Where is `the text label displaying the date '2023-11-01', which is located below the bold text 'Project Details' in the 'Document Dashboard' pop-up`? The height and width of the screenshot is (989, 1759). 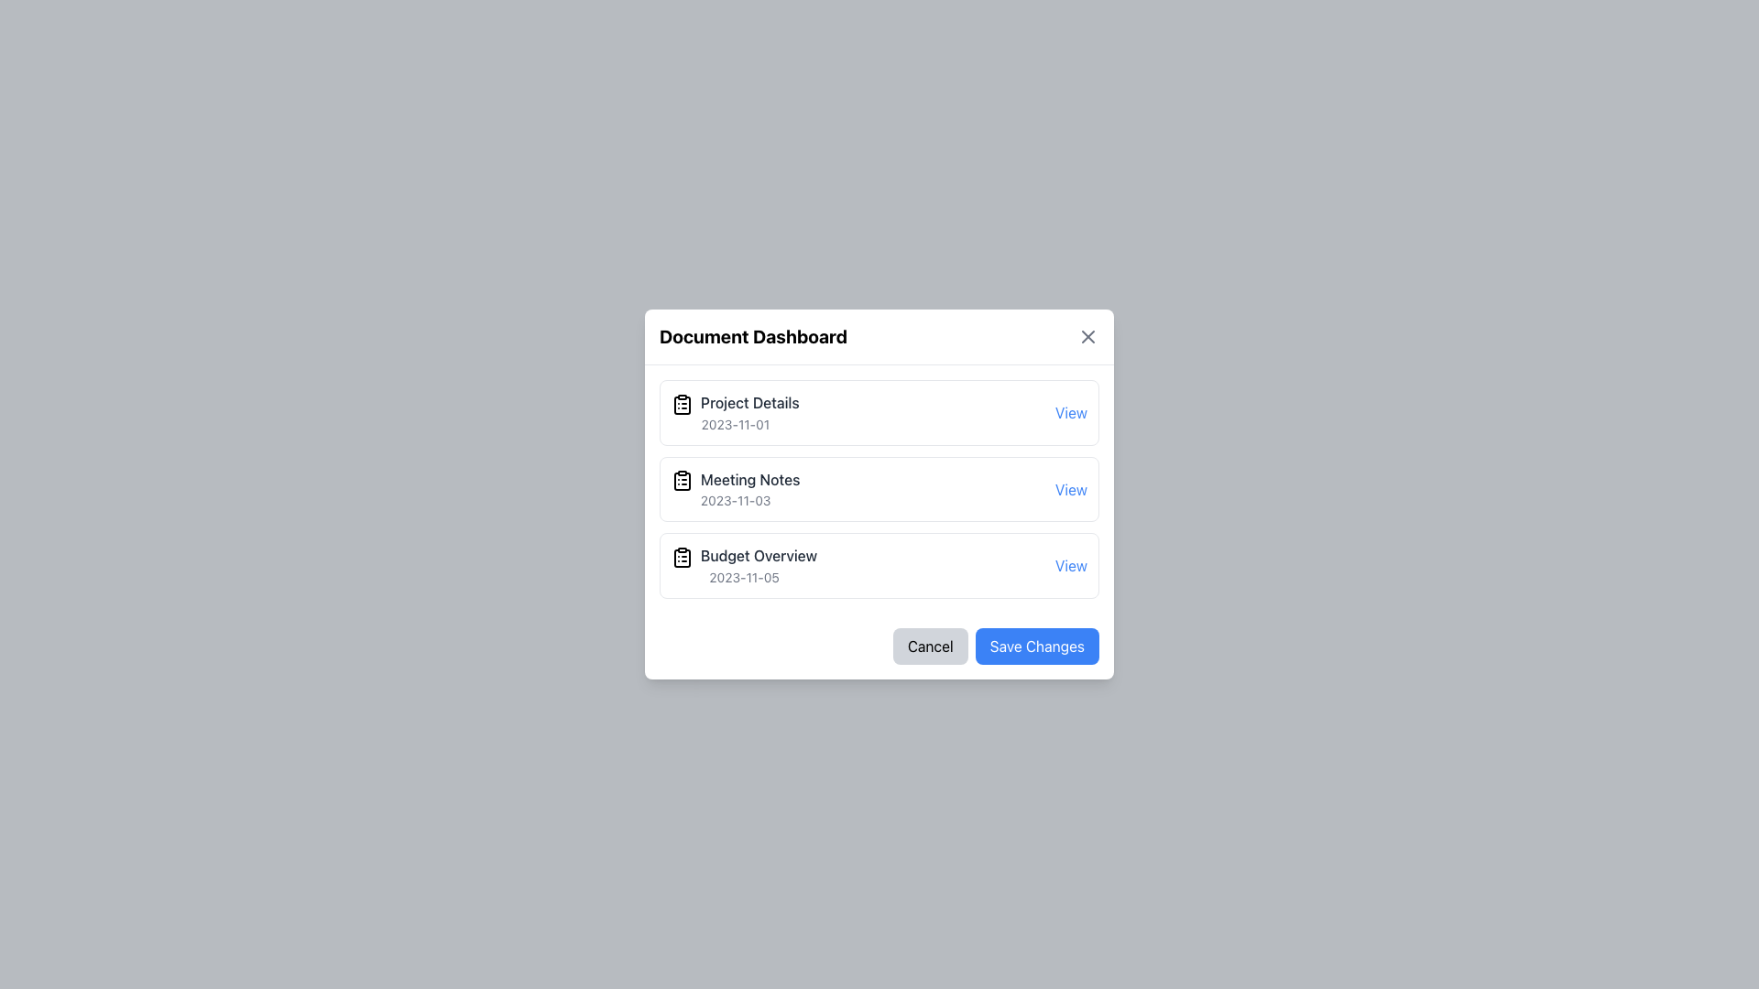
the text label displaying the date '2023-11-01', which is located below the bold text 'Project Details' in the 'Document Dashboard' pop-up is located at coordinates (735, 424).